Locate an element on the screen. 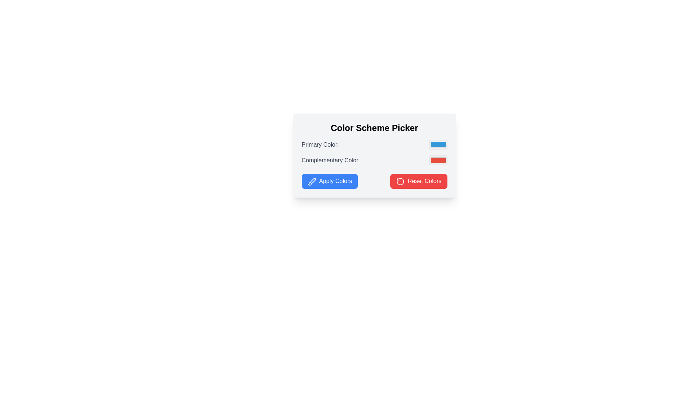  the color input field labeled 'Complementary Color:' is located at coordinates (374, 160).